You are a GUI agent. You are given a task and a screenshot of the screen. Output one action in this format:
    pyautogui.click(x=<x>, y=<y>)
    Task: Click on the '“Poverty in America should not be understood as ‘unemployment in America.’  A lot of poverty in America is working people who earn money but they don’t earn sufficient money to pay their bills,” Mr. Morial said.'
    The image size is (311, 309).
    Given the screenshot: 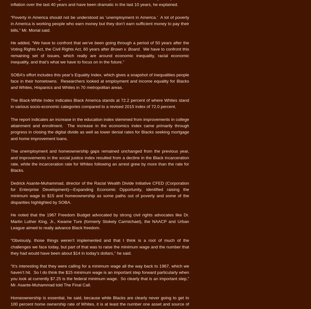 What is the action you would take?
    pyautogui.click(x=99, y=23)
    